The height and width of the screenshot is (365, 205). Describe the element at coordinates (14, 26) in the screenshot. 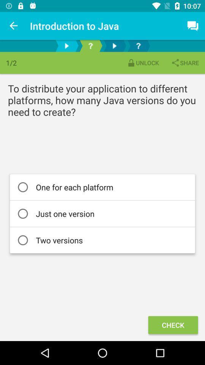

I see `item above 1/2` at that location.